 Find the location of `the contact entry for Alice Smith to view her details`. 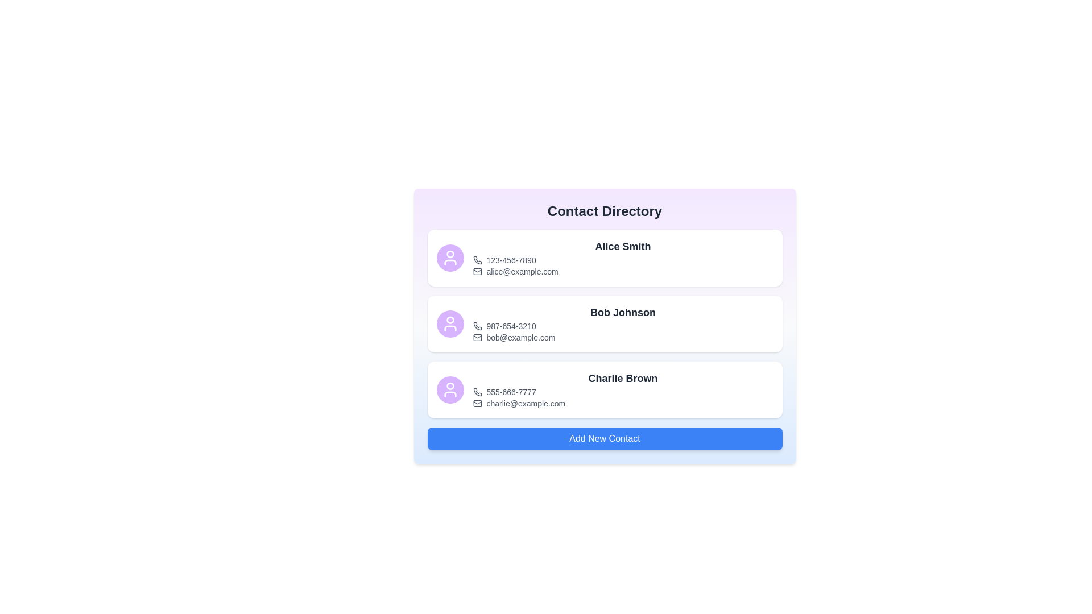

the contact entry for Alice Smith to view her details is located at coordinates (604, 258).